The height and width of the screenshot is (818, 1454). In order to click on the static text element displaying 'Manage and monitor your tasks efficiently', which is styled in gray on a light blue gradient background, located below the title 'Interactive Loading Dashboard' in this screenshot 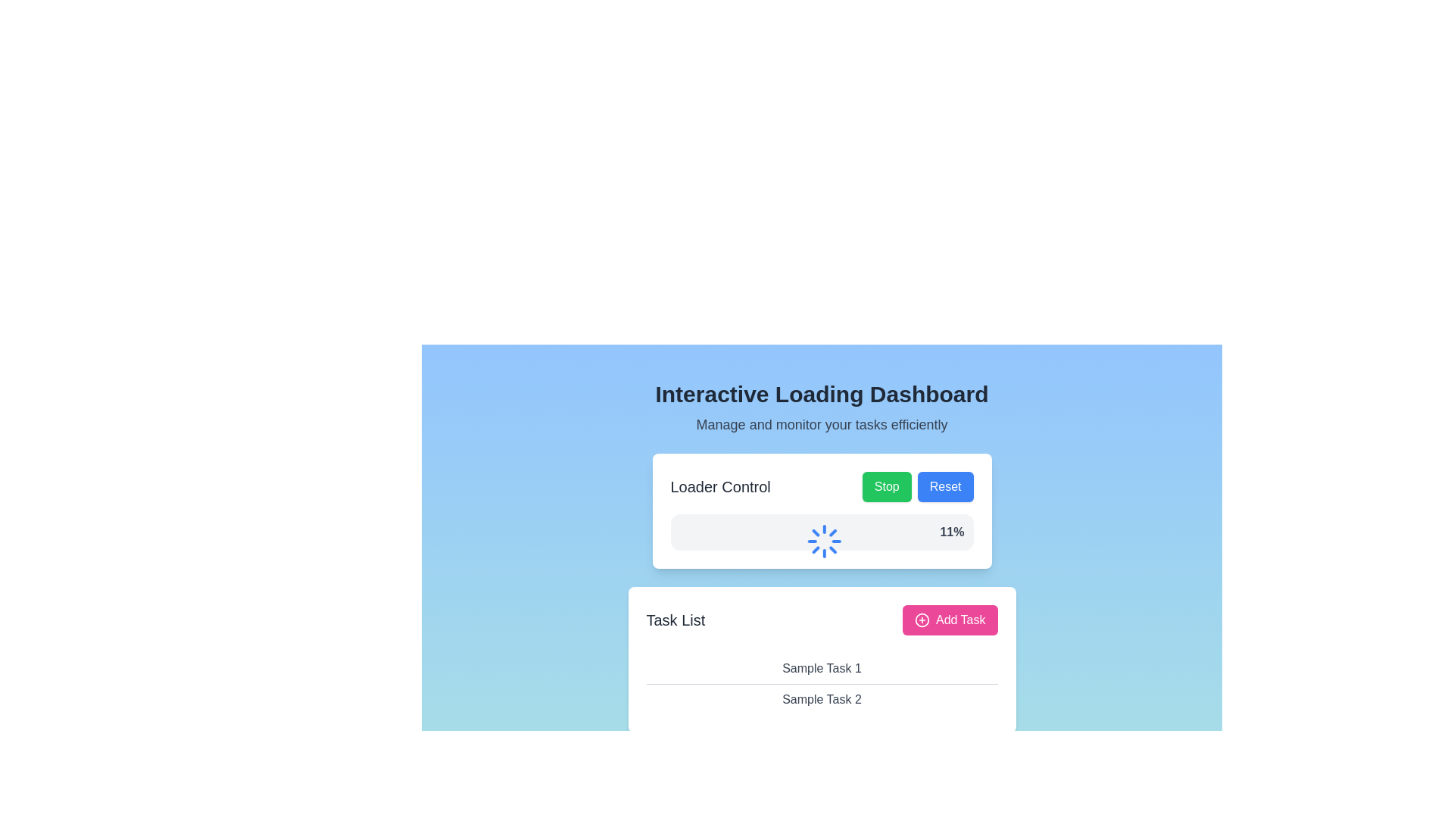, I will do `click(821, 424)`.